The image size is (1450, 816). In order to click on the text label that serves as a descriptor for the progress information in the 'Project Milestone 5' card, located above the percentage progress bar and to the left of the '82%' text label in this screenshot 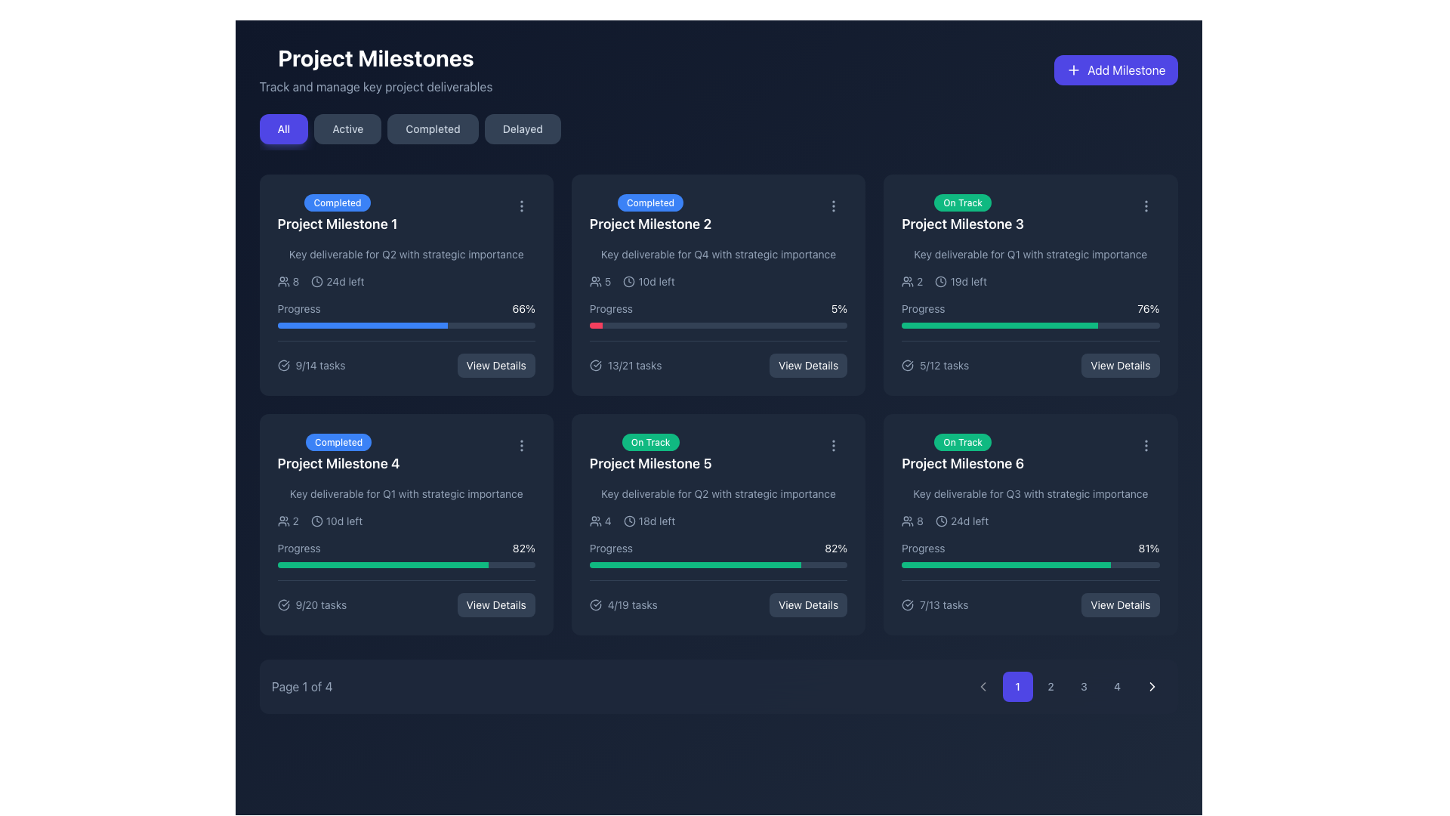, I will do `click(611, 548)`.